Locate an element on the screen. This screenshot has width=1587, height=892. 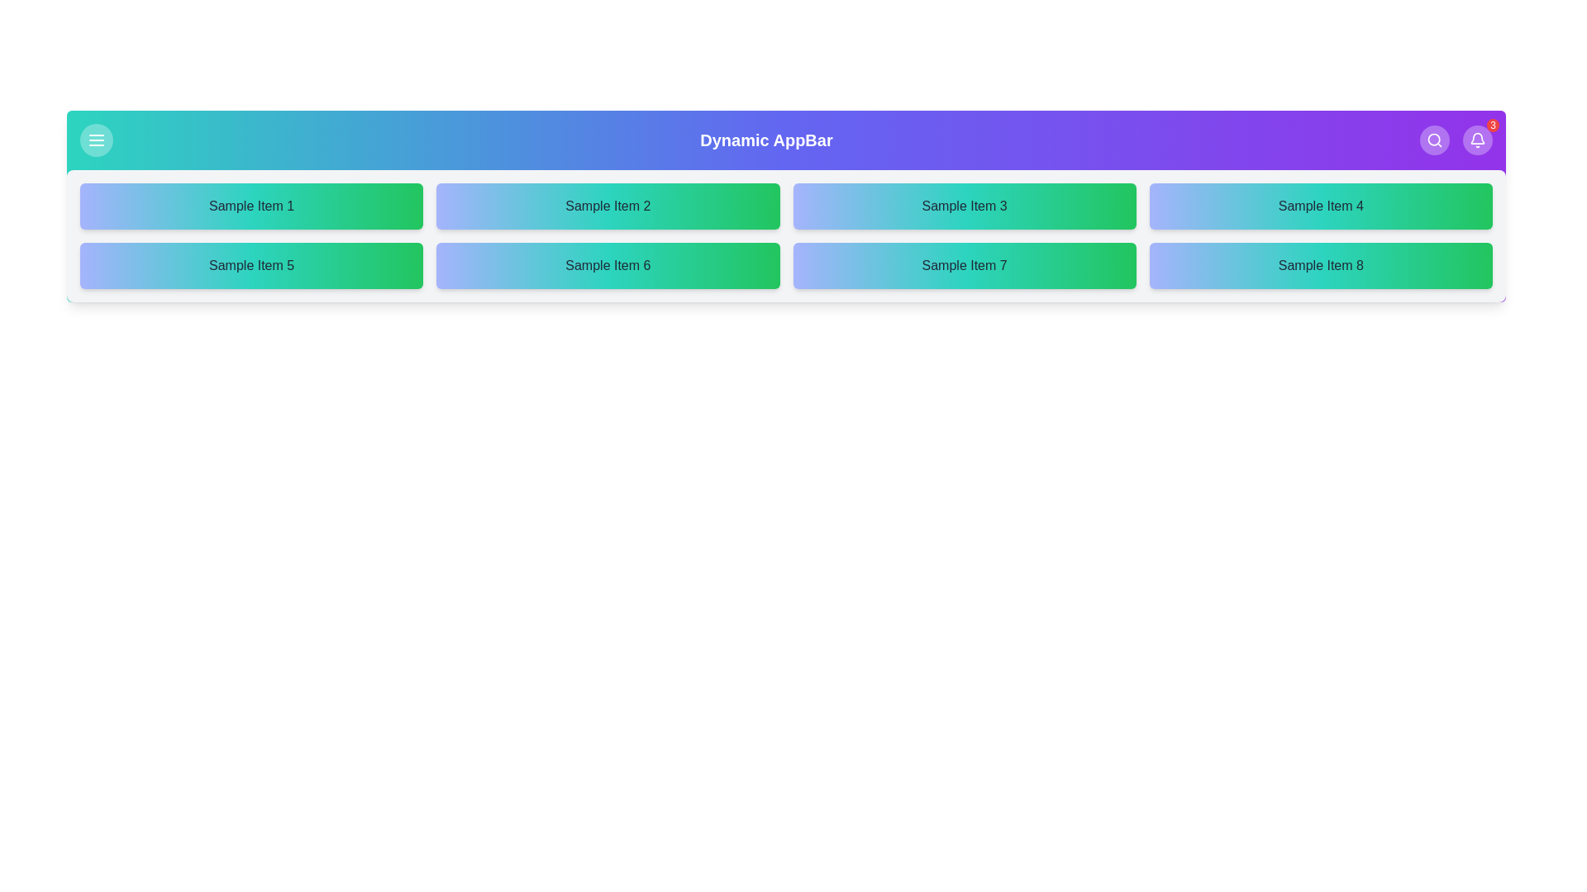
menu button to toggle the menu visibility is located at coordinates (95, 139).